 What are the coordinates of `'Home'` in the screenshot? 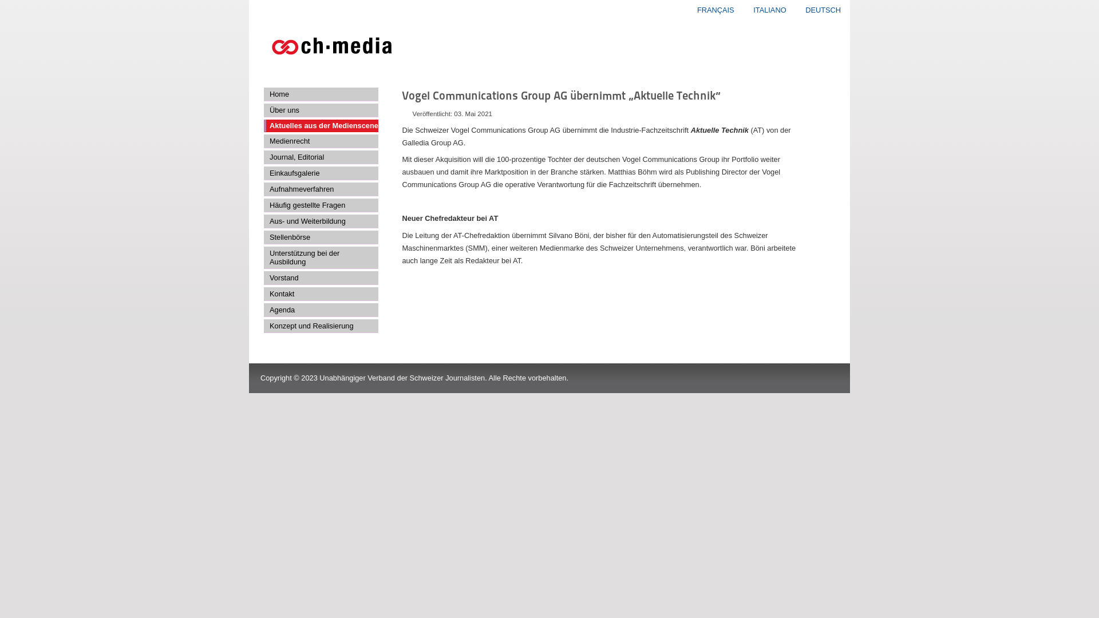 It's located at (321, 94).